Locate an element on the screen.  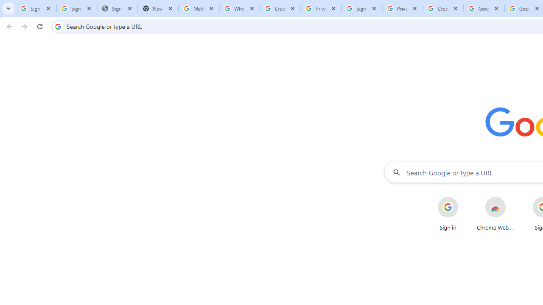
'More actions for Sign in shortcut' is located at coordinates (464, 197).